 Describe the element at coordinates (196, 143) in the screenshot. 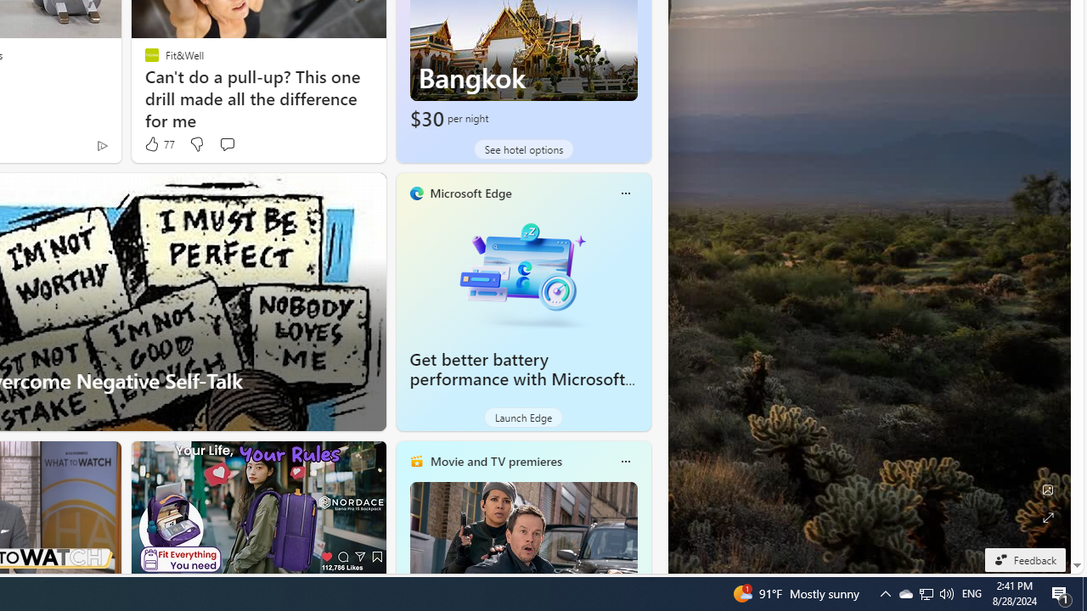

I see `'Dislike'` at that location.